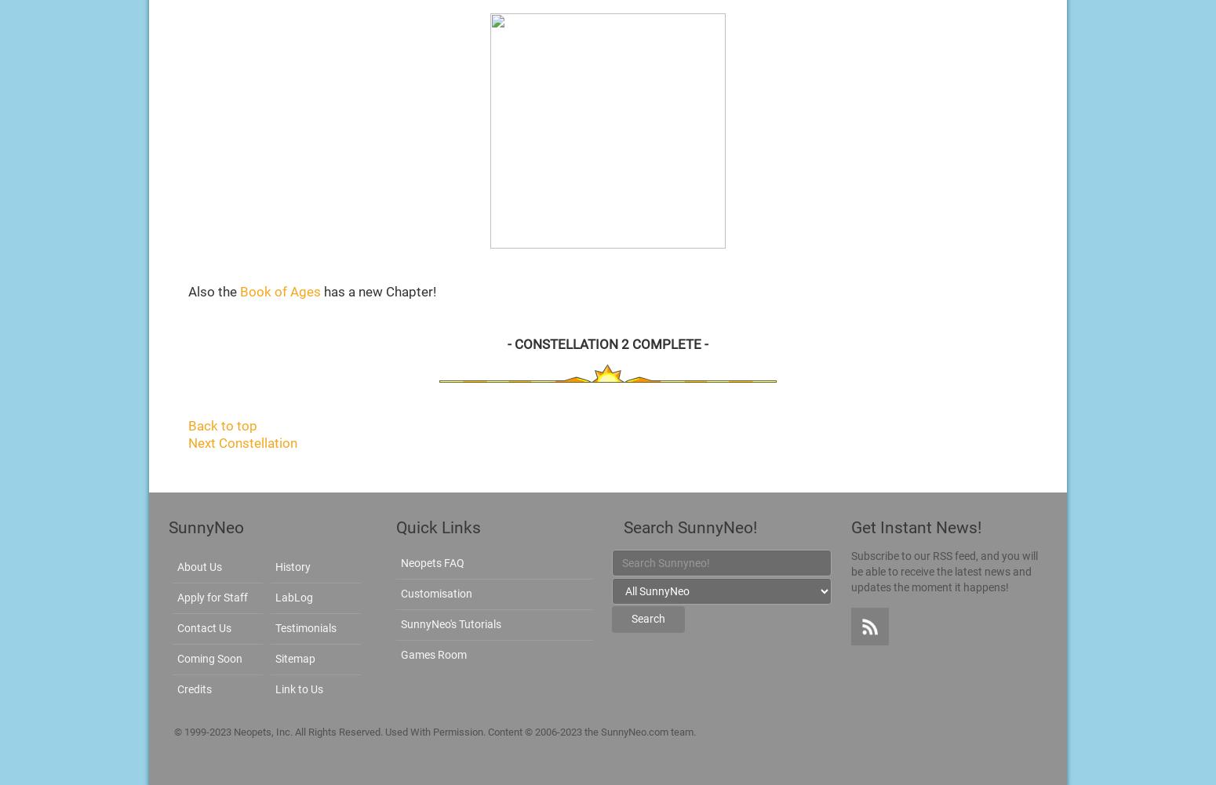  Describe the element at coordinates (195, 689) in the screenshot. I see `'Credits'` at that location.